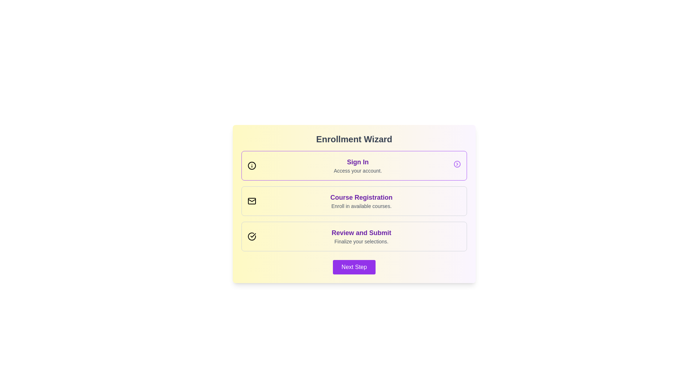 This screenshot has width=694, height=390. I want to click on the static text label that provides additional context for the 'Sign In' section, positioned below the 'Sign In' text, so click(357, 171).